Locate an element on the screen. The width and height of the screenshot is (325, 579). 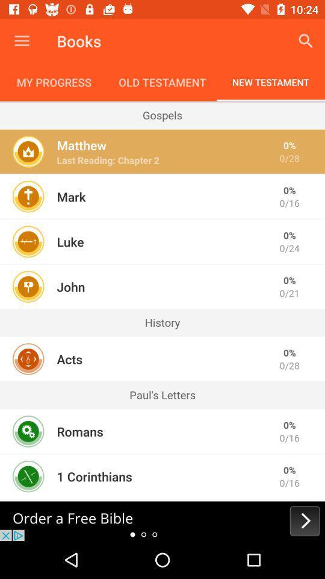
next is located at coordinates (162, 520).